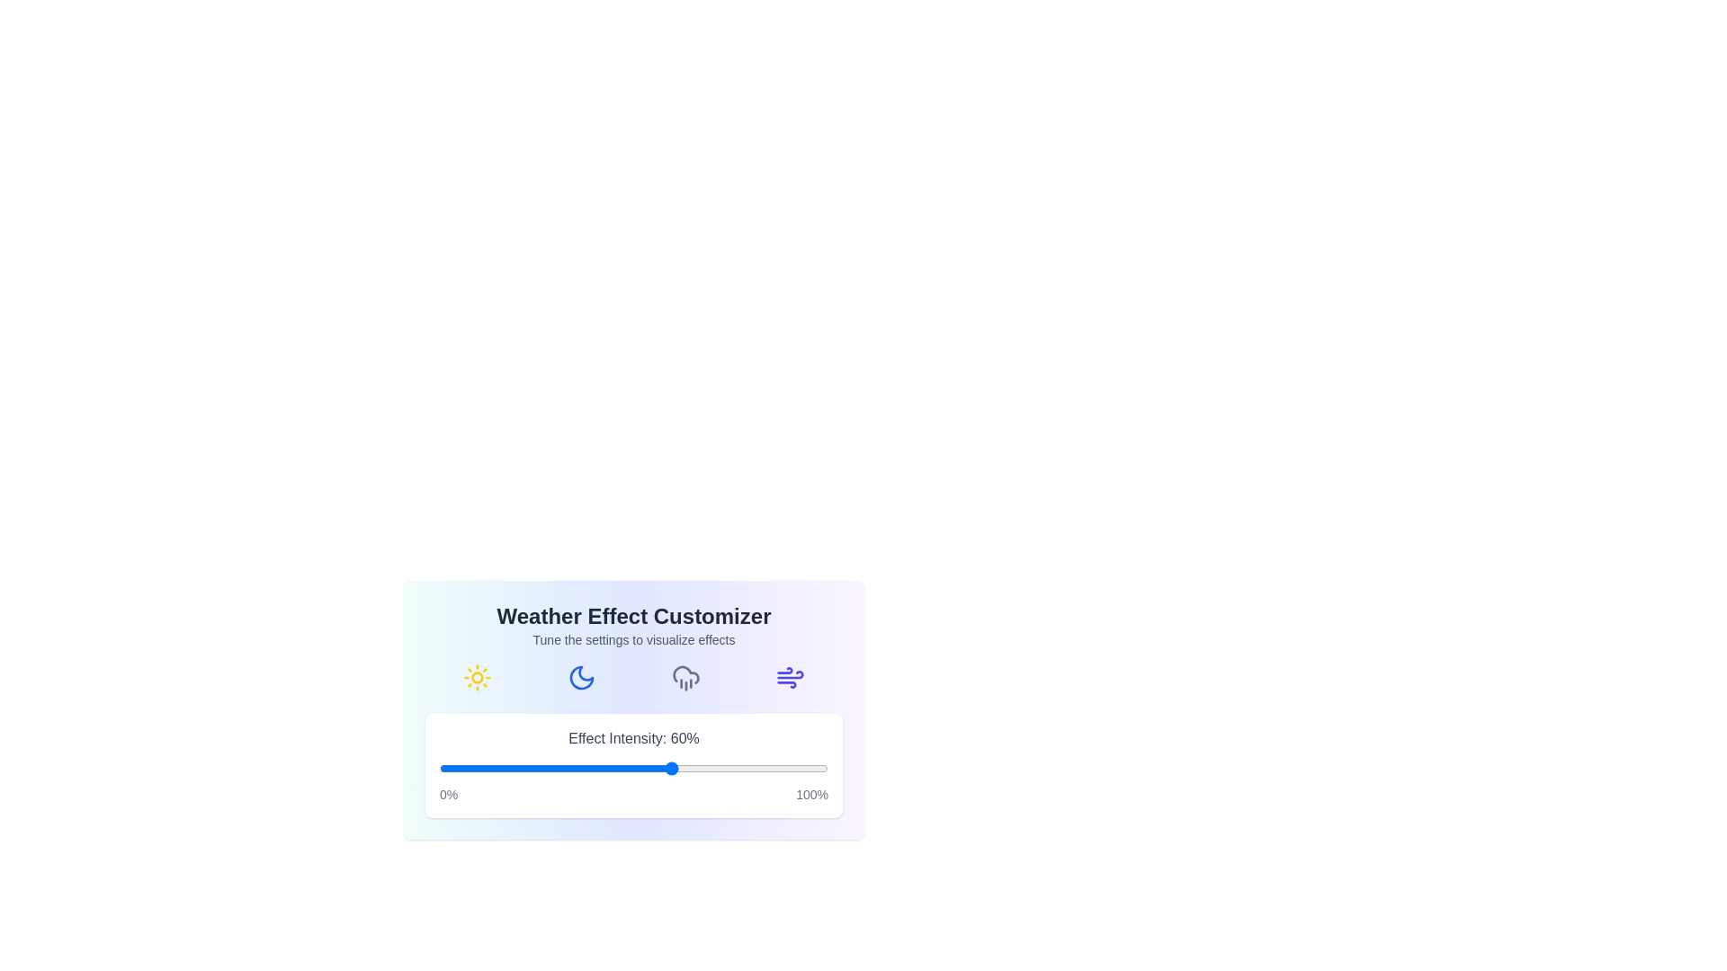  Describe the element at coordinates (634, 677) in the screenshot. I see `an icon within the weather effect customizer, which is located below the text 'Tune the settings to visualize effects' and above the 'Effect Intensity: 60%' slider` at that location.